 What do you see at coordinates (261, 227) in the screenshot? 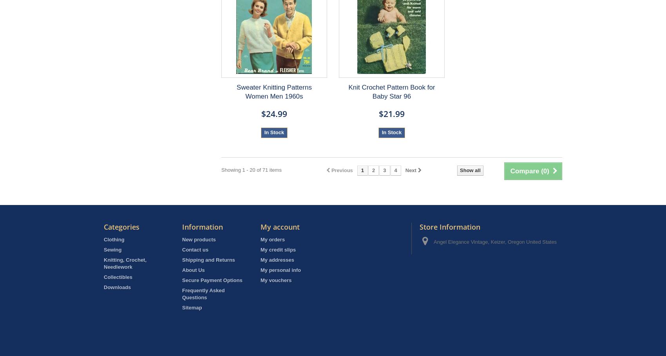
I see `'My account'` at bounding box center [261, 227].